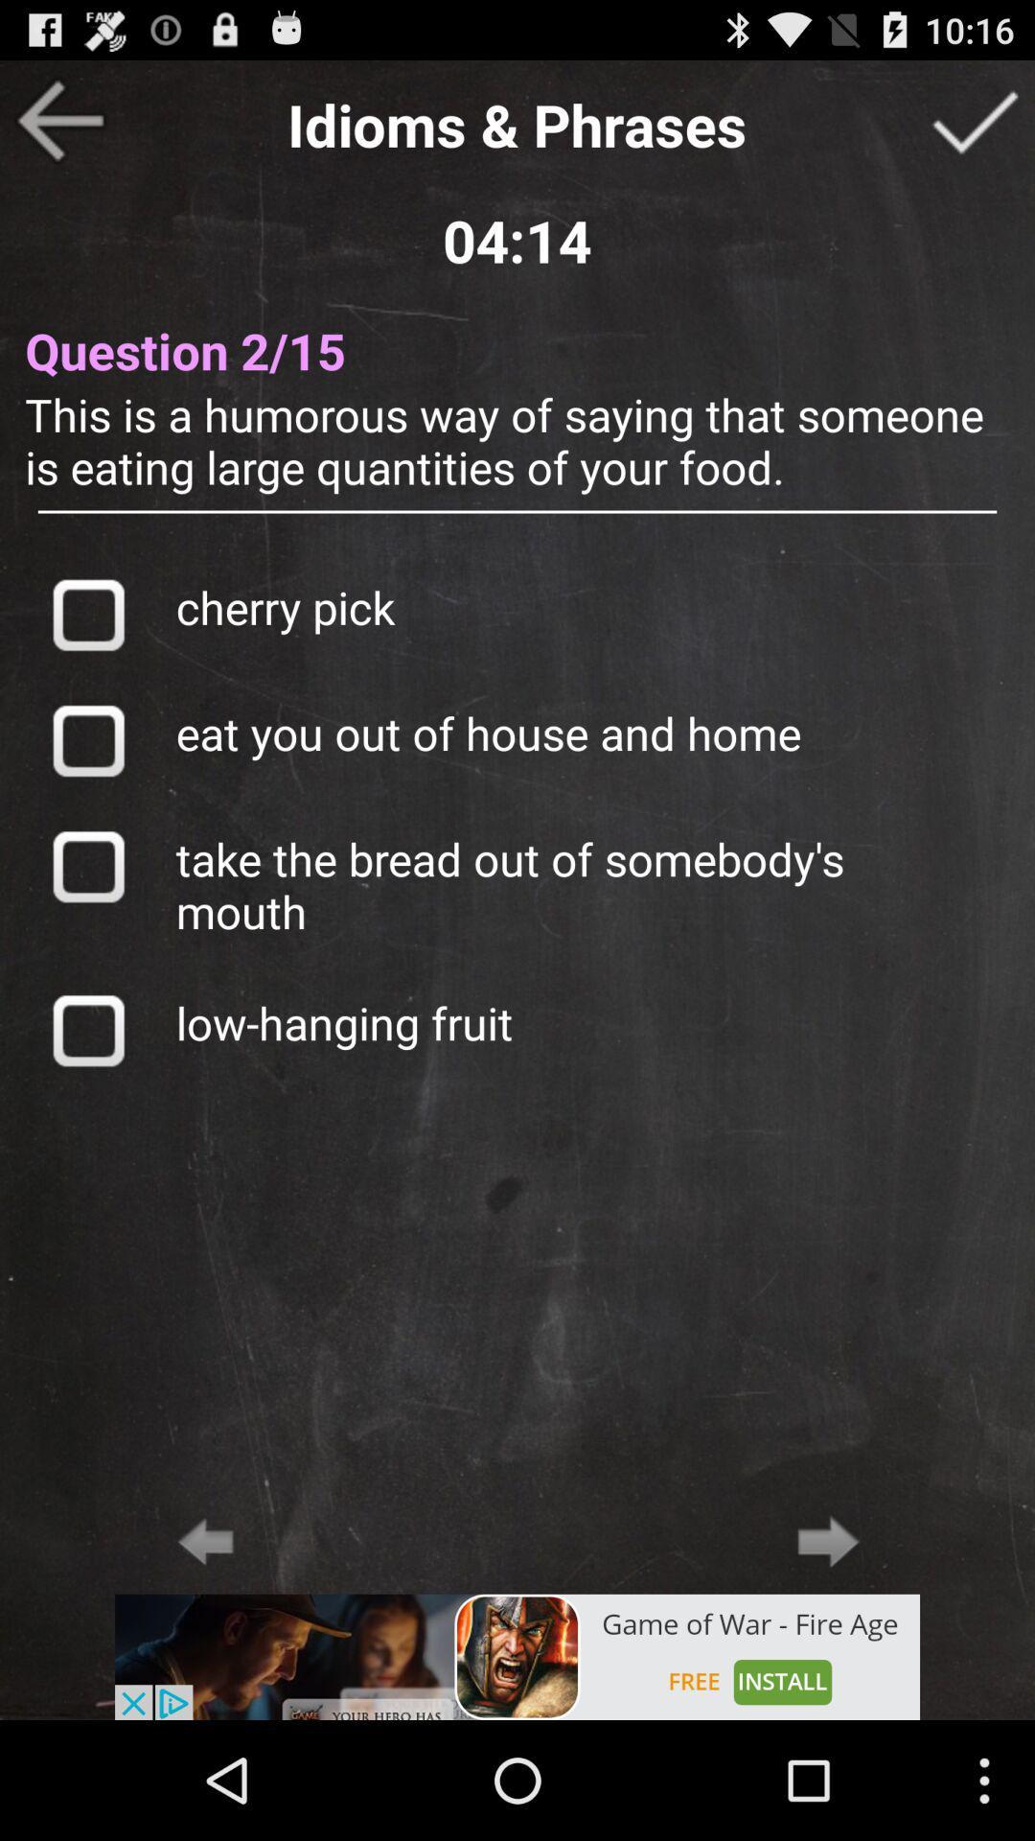  I want to click on back arrow, so click(206, 1542).